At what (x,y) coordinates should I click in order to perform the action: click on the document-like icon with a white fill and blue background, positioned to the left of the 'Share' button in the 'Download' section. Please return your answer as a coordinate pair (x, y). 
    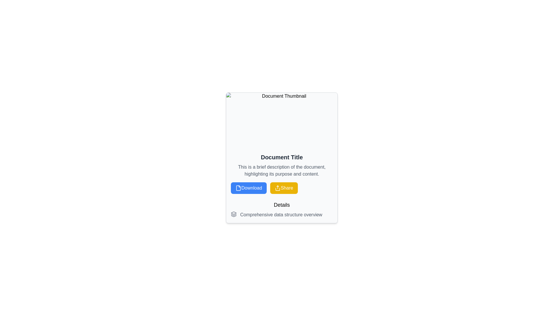
    Looking at the image, I should click on (238, 188).